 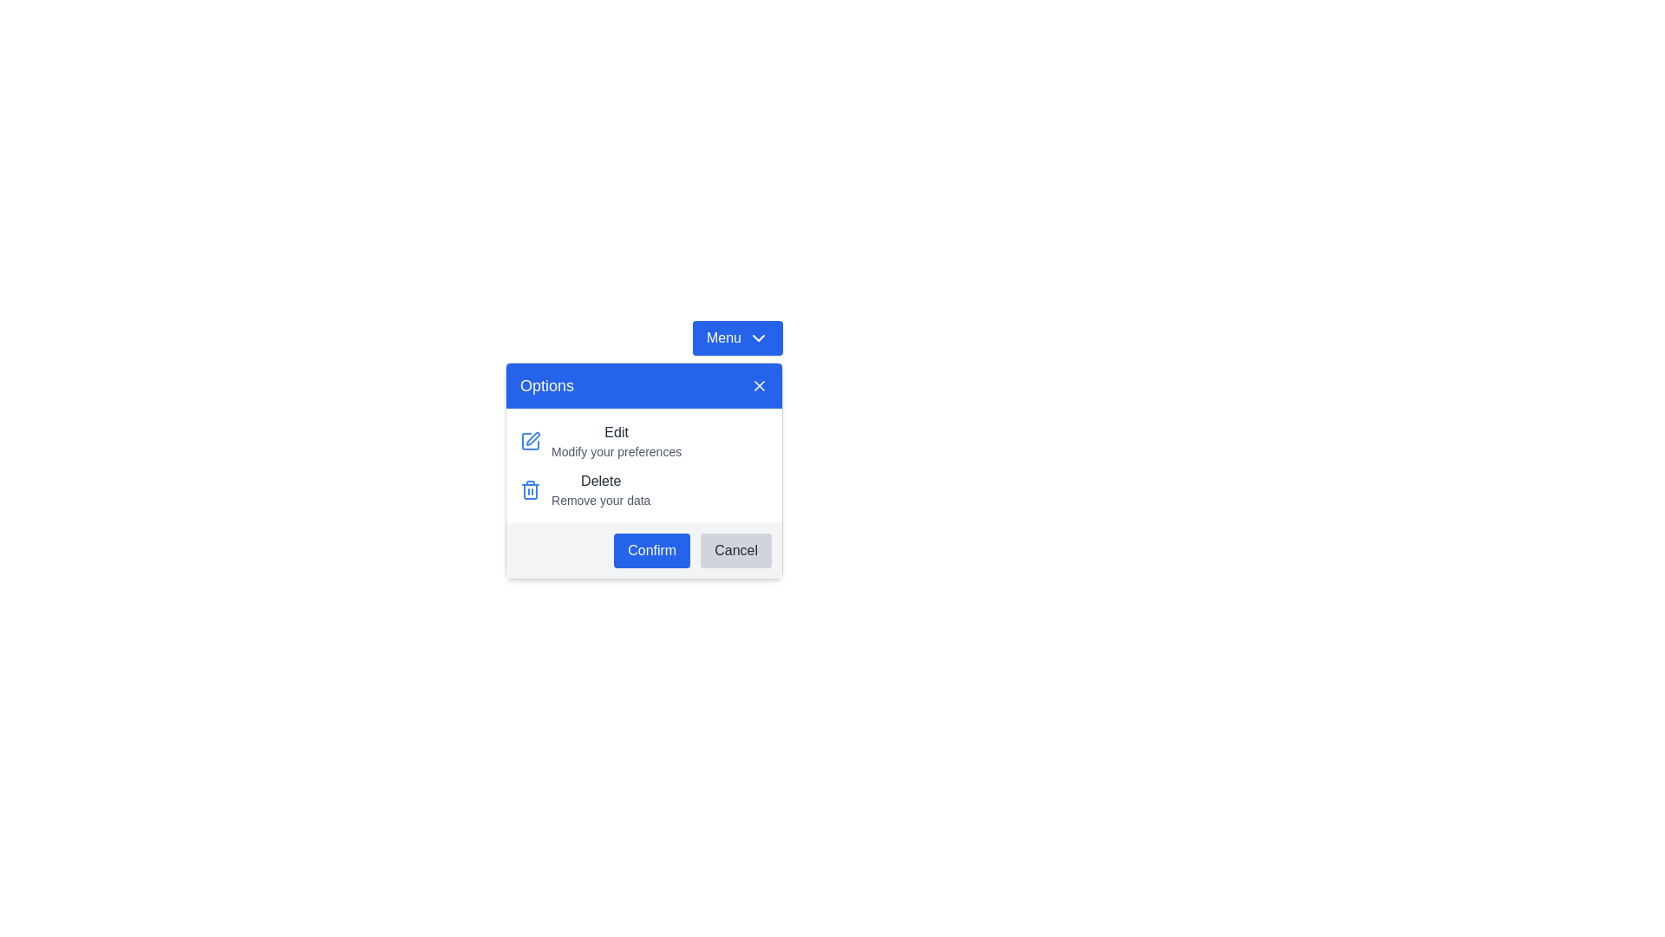 What do you see at coordinates (601, 489) in the screenshot?
I see `the 'Delete' text label in the 'Options' modal, which is the second item in the vertical list of options and is accompanied by a trash can icon` at bounding box center [601, 489].